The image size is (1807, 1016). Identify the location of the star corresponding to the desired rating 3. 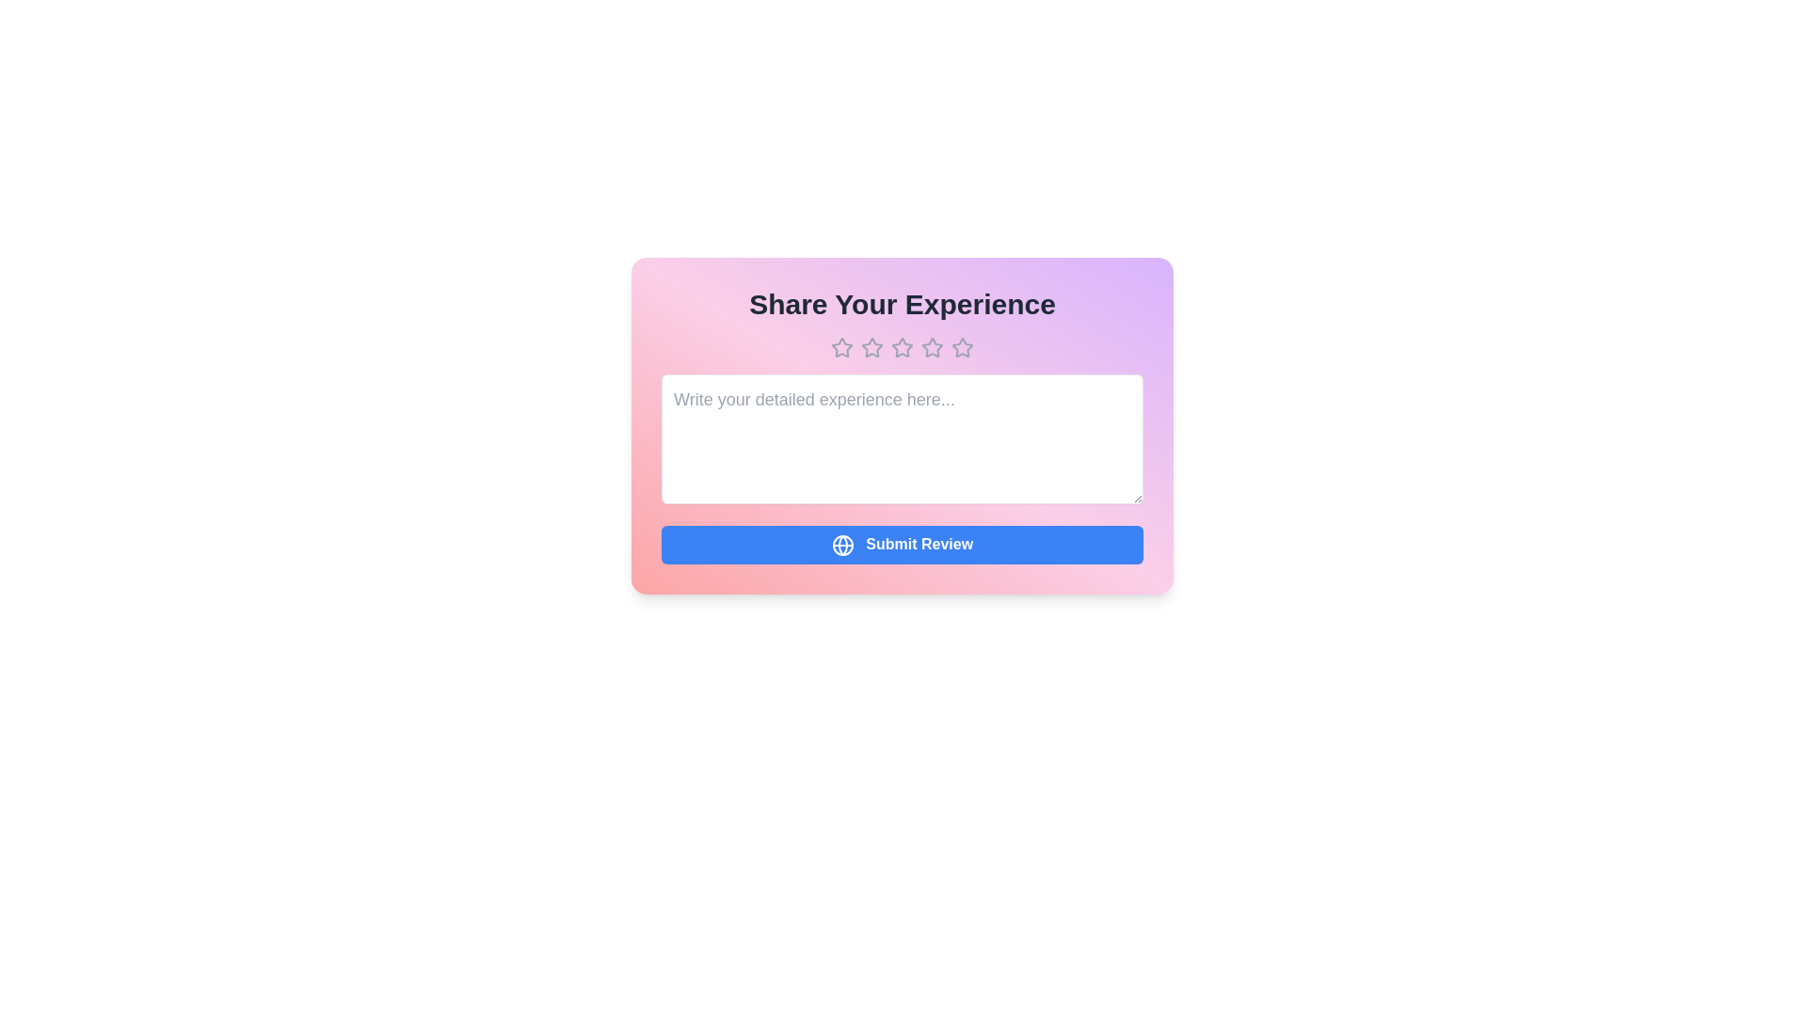
(902, 348).